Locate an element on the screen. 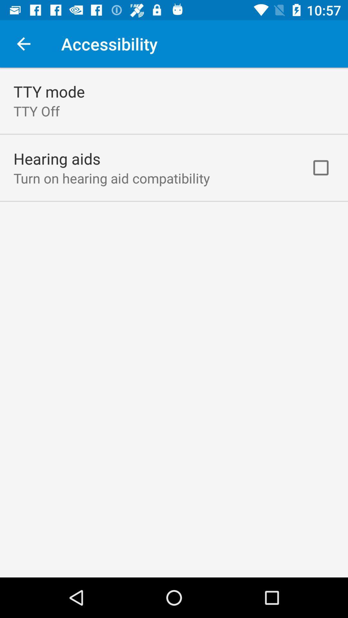 This screenshot has width=348, height=618. icon at the top right corner is located at coordinates (321, 168).